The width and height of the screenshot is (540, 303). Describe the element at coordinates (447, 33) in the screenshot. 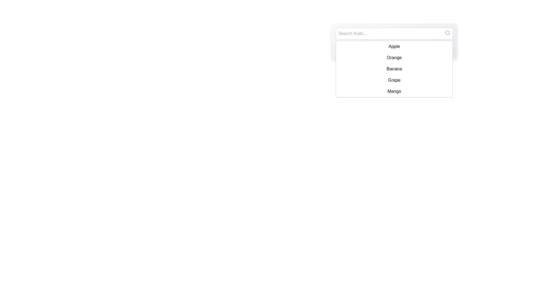

I see `the decorative SVG circle that represents the lens of the classic search icon, which is positioned above the handle of the magnifying glass` at that location.